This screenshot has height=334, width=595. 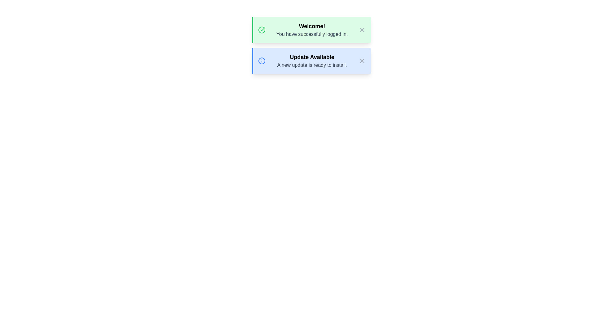 I want to click on the circular icon representing an alert for the 'Update Available' notification located in the header of the interface, so click(x=262, y=61).